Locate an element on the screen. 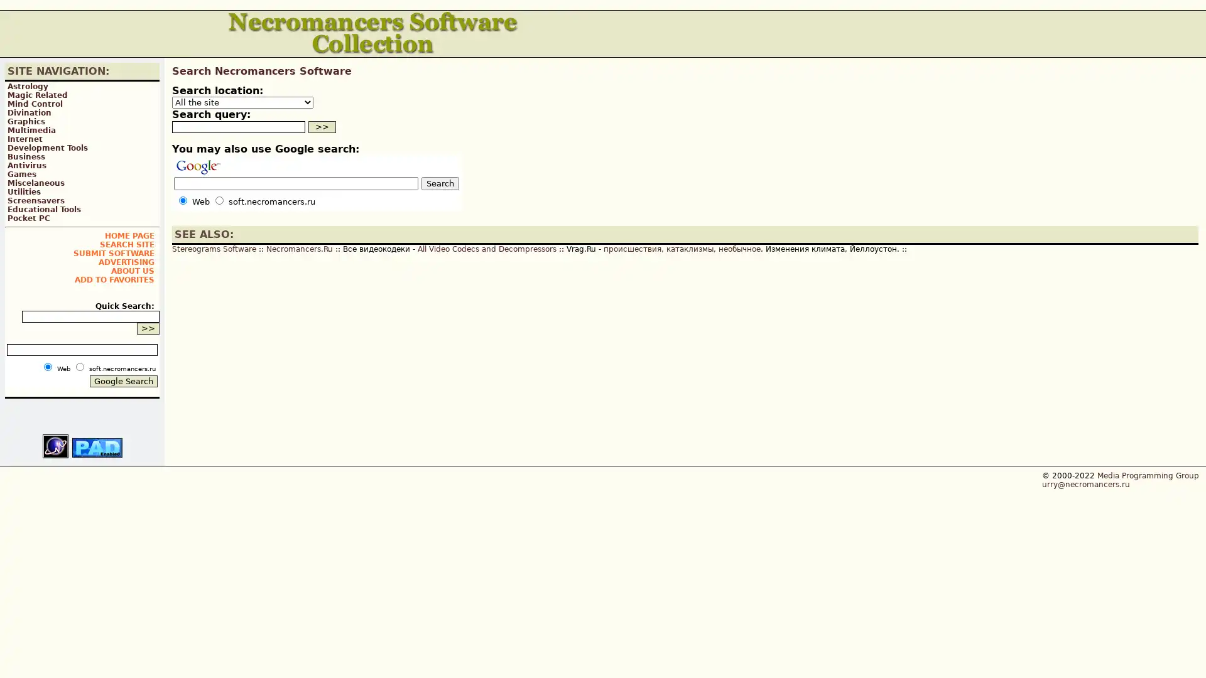  Search is located at coordinates (440, 183).